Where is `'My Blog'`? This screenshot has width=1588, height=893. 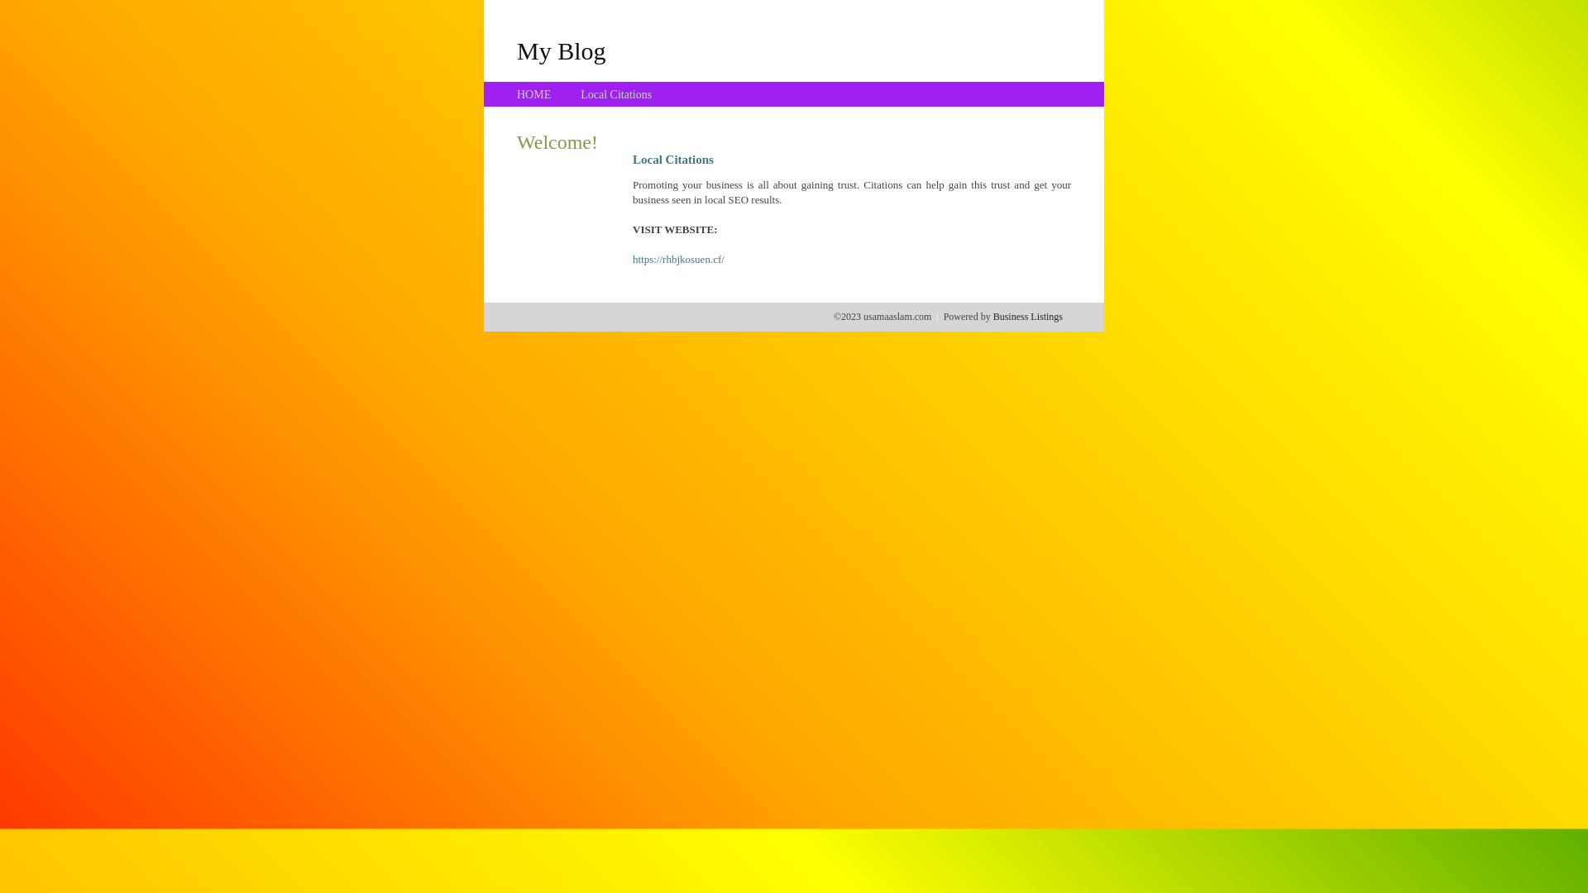
'My Blog' is located at coordinates (561, 50).